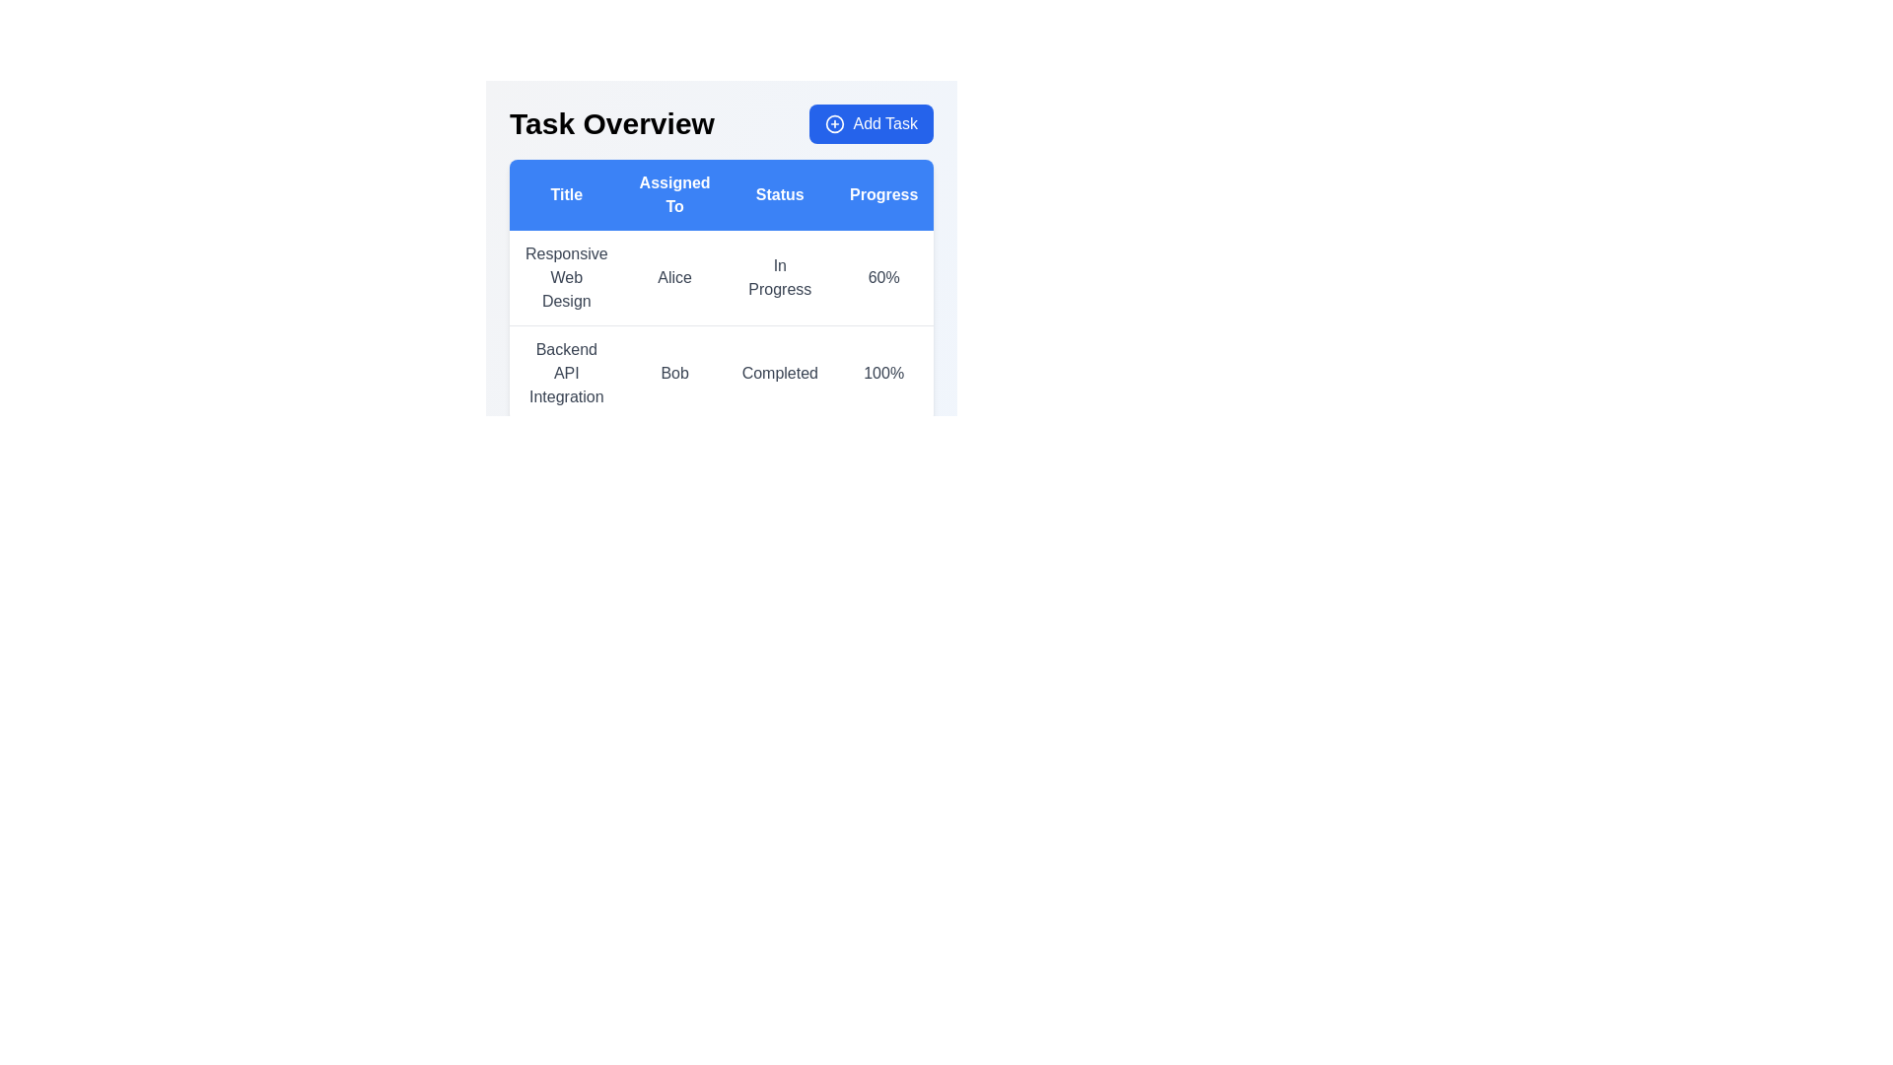 The height and width of the screenshot is (1065, 1893). I want to click on the 'Status' column header in the table, which has a blue background and white text, positioned as the third header between 'Assigned To' and 'Progress', so click(779, 194).